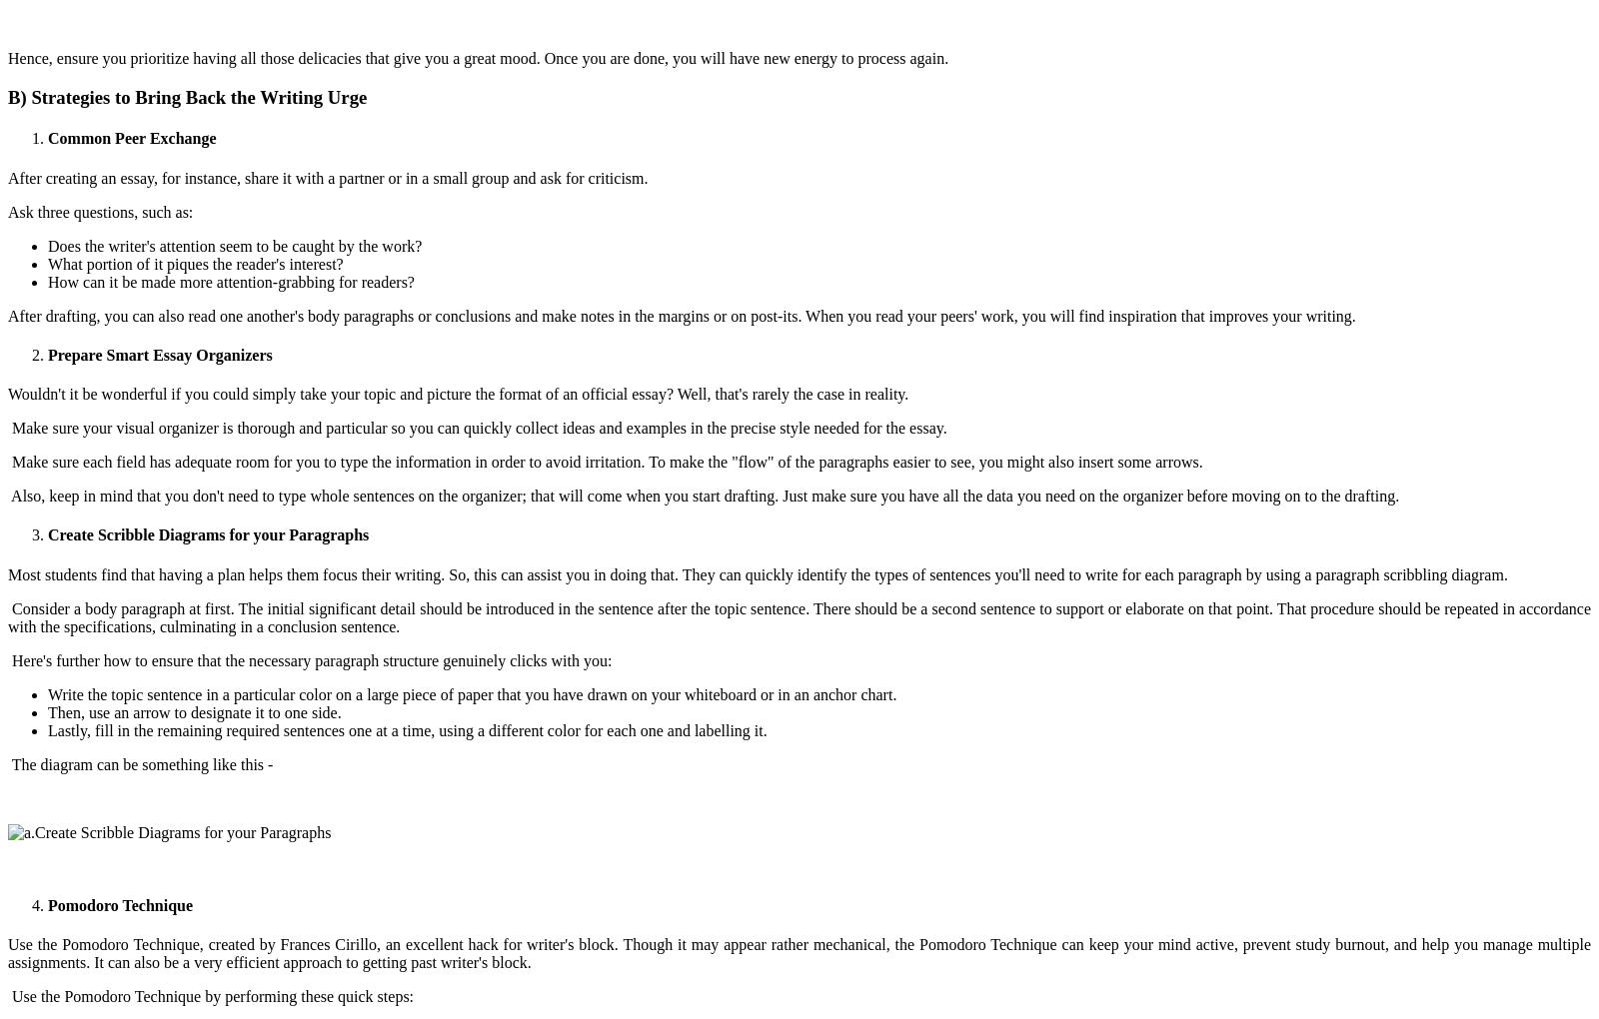 This screenshot has width=1599, height=1019. What do you see at coordinates (760, 573) in the screenshot?
I see `'Most students find that having a plan helps them focus their writing. So, this can assist you in doing that. They can quickly identify the types of sentences you'll need to write for each paragraph by using a paragraph scribbling diagram.'` at bounding box center [760, 573].